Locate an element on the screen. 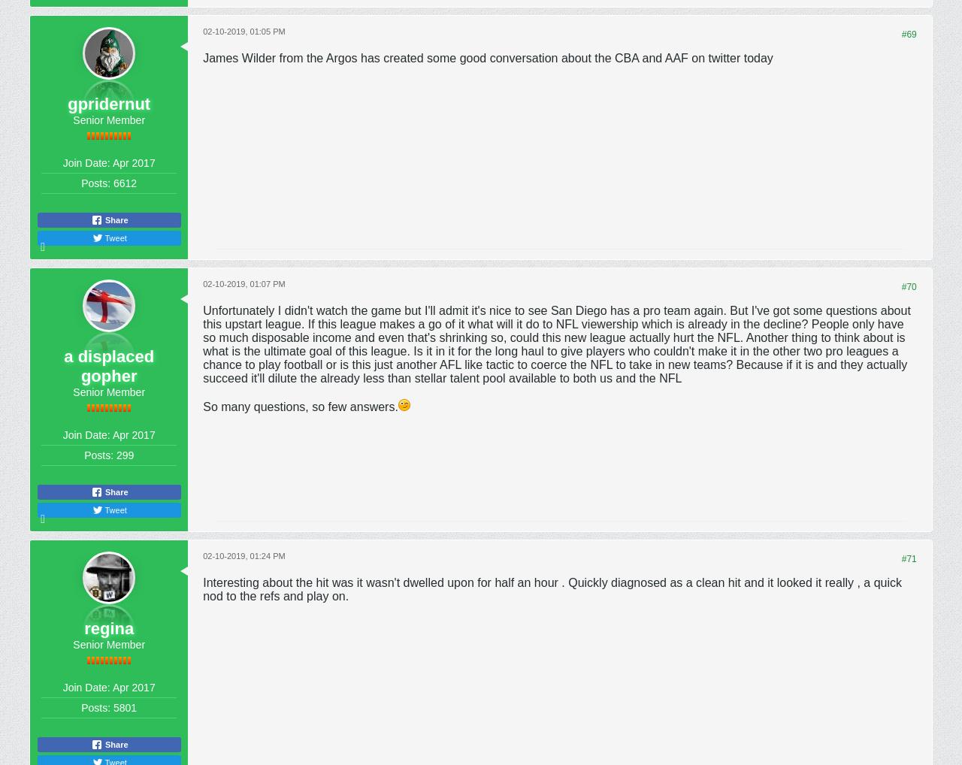 The width and height of the screenshot is (962, 765). '5801' is located at coordinates (125, 706).